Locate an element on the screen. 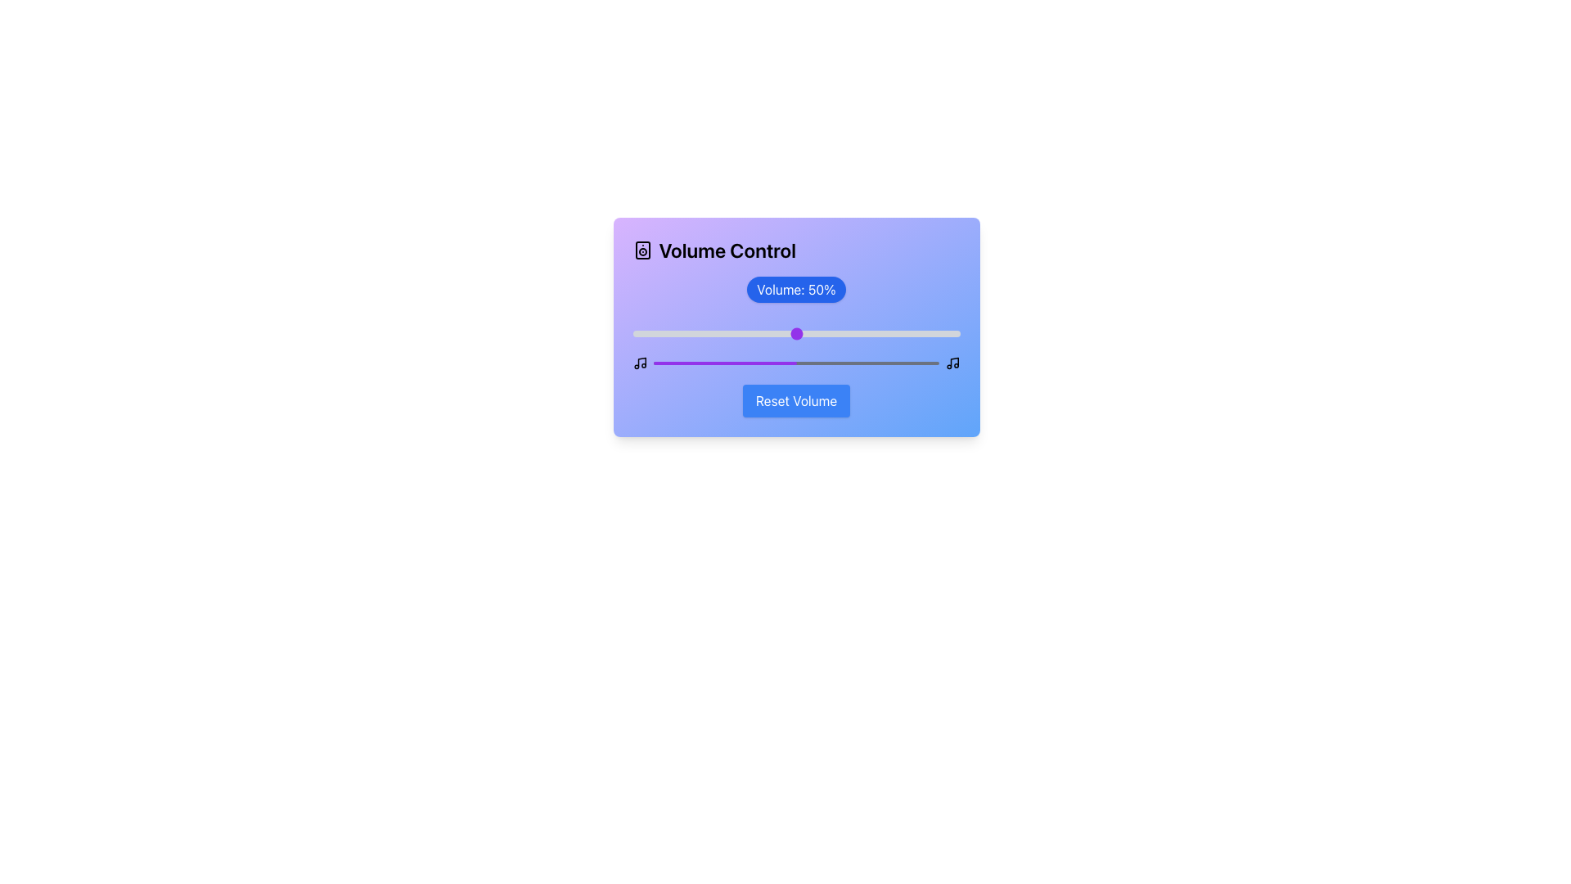 This screenshot has height=884, width=1571. volume is located at coordinates (839, 333).